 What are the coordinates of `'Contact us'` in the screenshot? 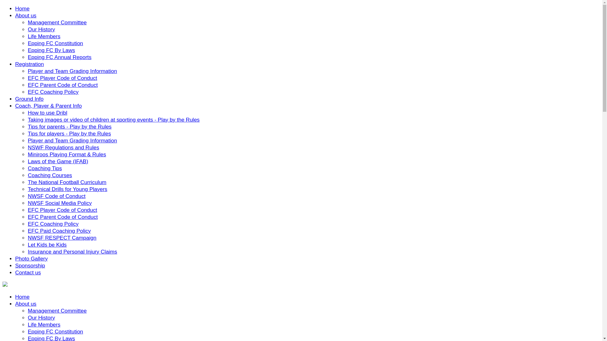 It's located at (28, 272).